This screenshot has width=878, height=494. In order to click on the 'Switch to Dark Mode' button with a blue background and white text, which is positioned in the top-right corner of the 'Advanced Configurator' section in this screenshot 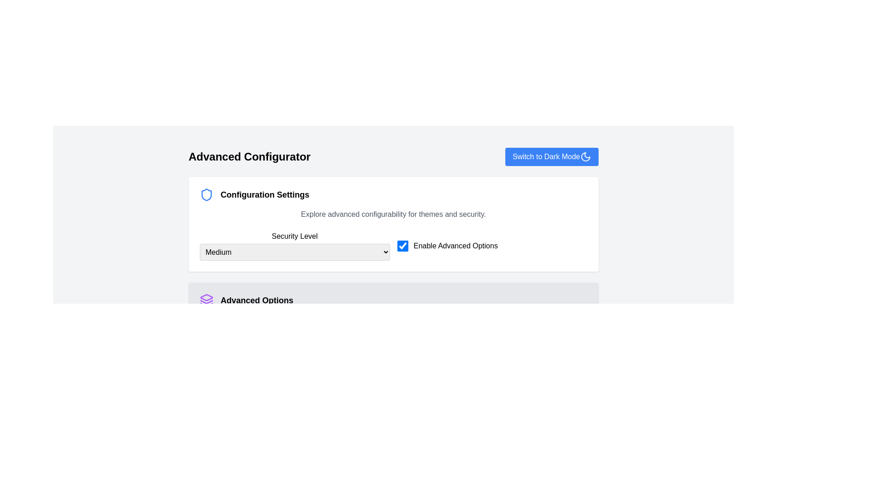, I will do `click(551, 156)`.